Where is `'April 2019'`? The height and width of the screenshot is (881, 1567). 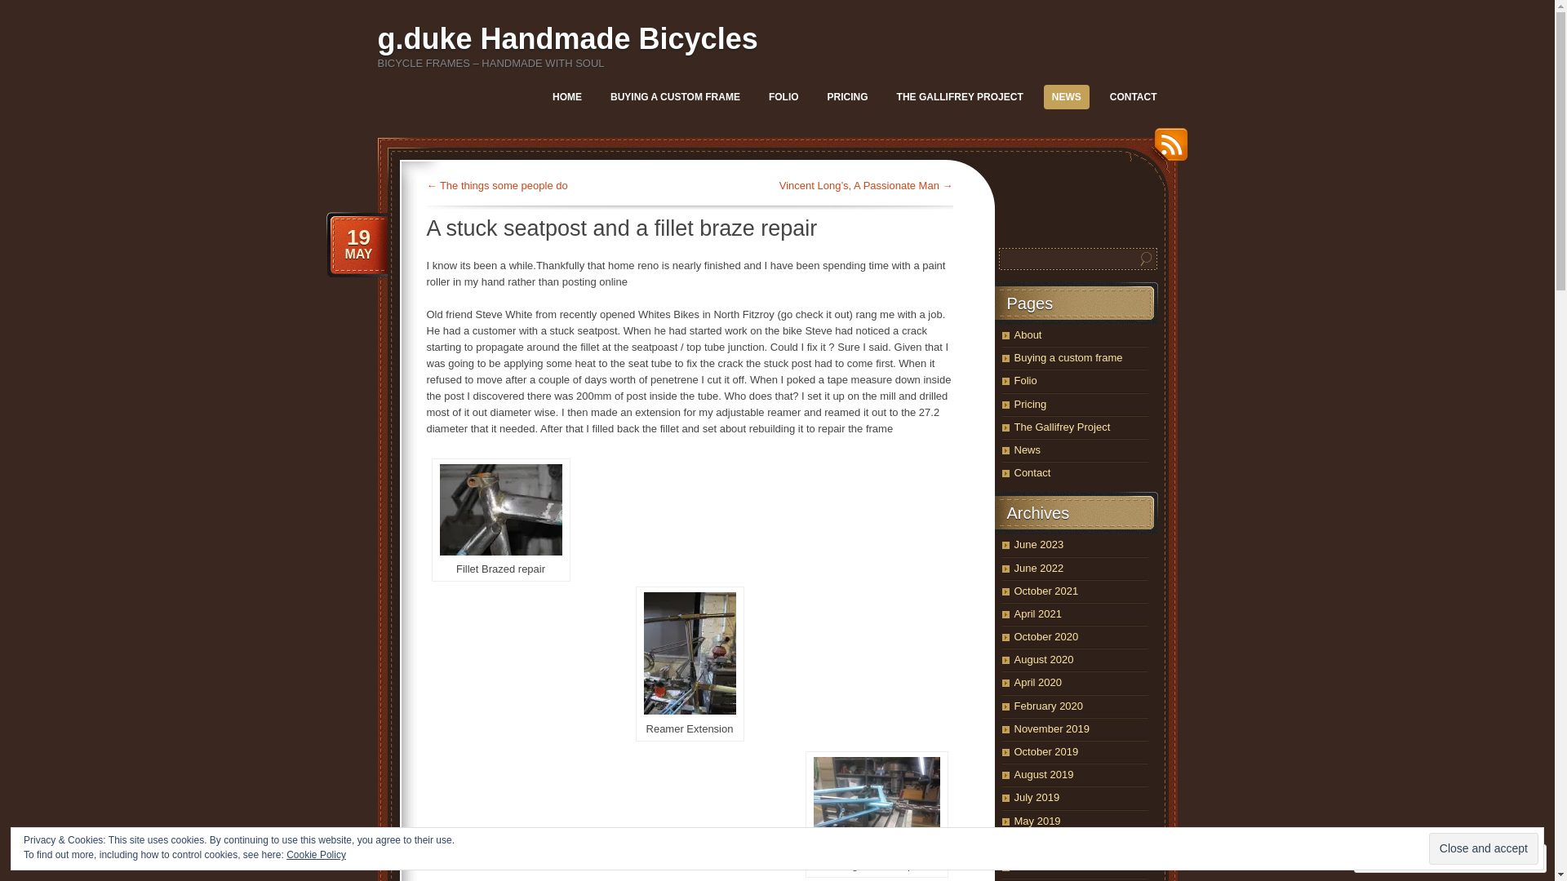
'April 2019' is located at coordinates (1013, 843).